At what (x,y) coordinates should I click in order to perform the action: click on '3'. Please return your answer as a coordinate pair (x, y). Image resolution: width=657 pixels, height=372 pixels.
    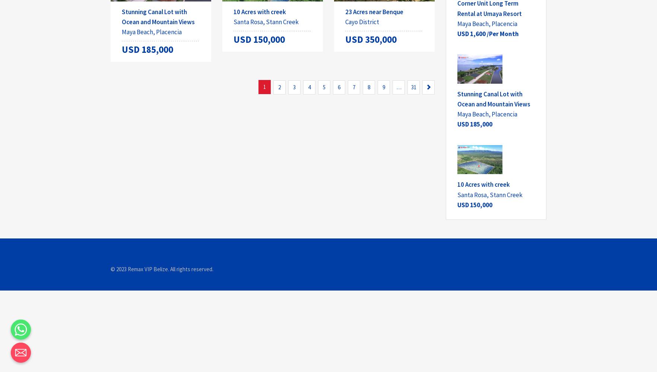
    Looking at the image, I should click on (294, 87).